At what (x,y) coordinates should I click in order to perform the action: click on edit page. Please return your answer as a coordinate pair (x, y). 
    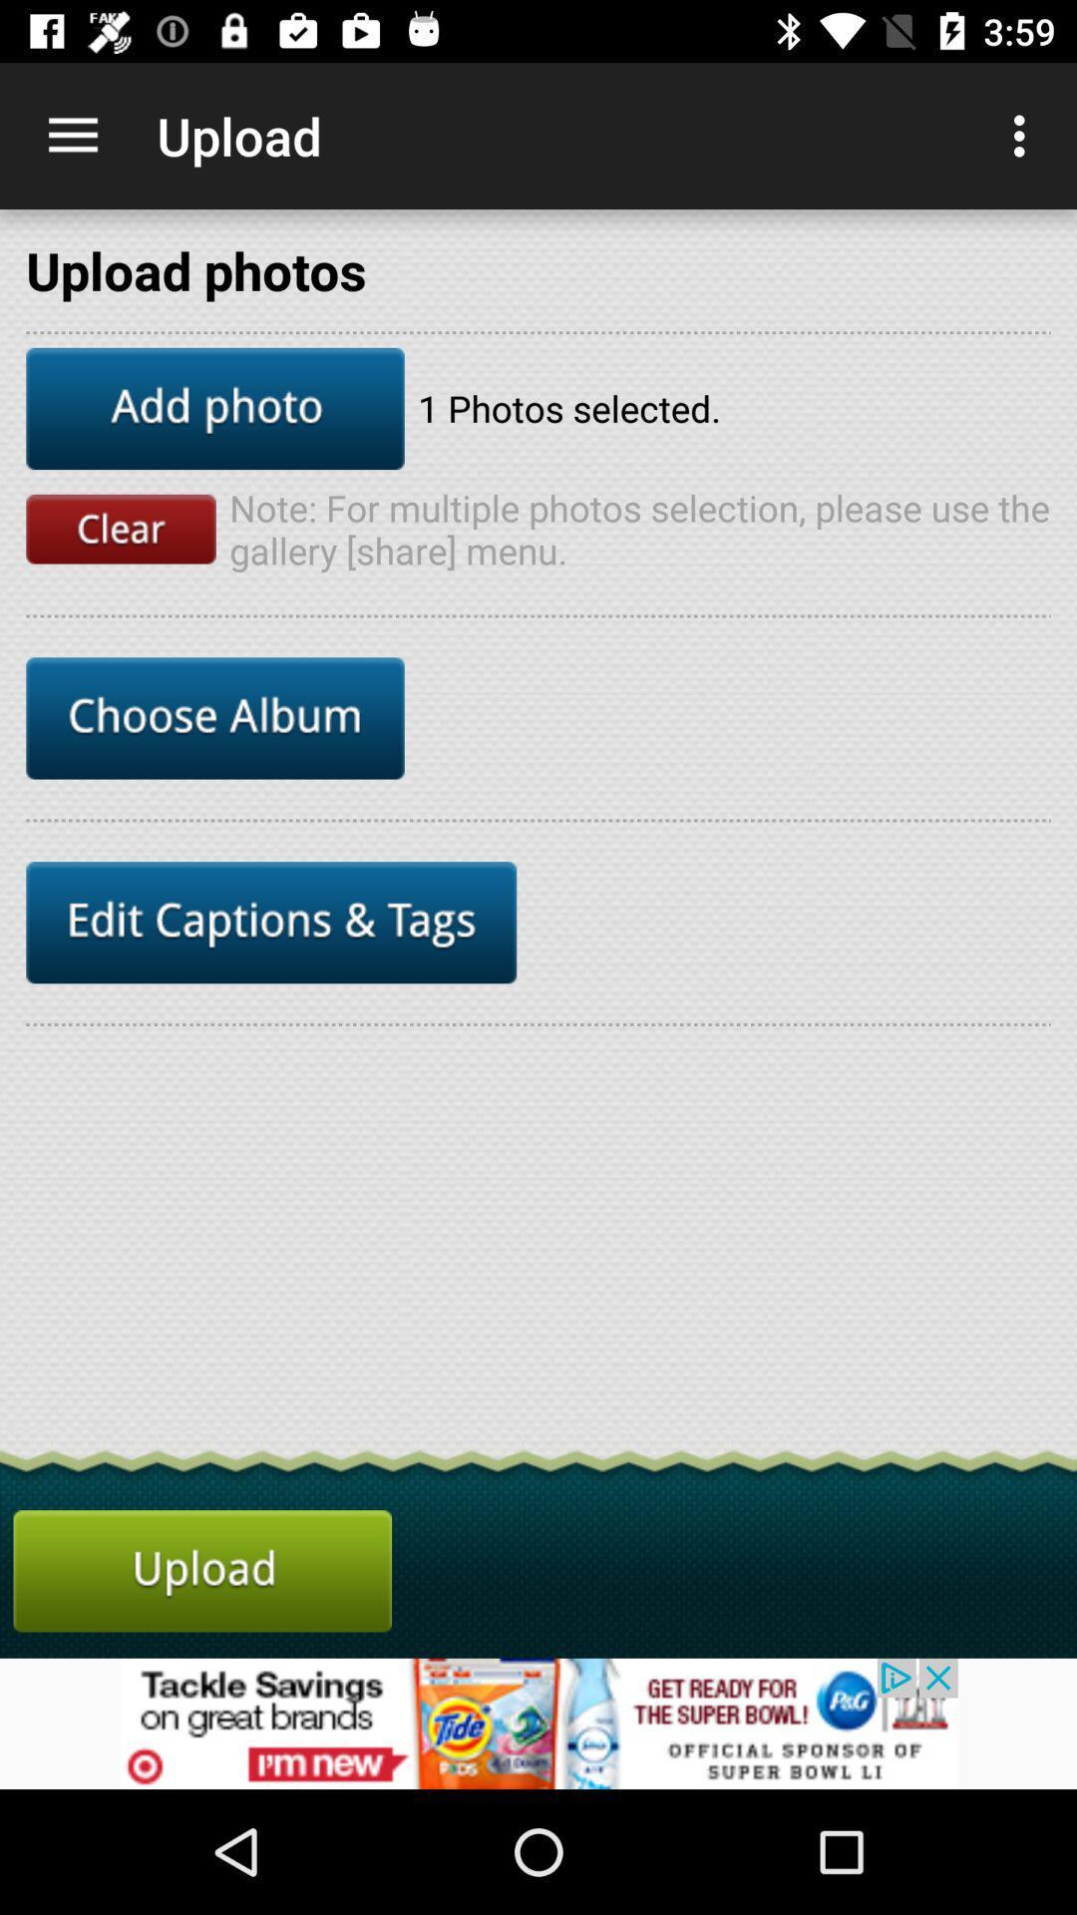
    Looking at the image, I should click on (271, 922).